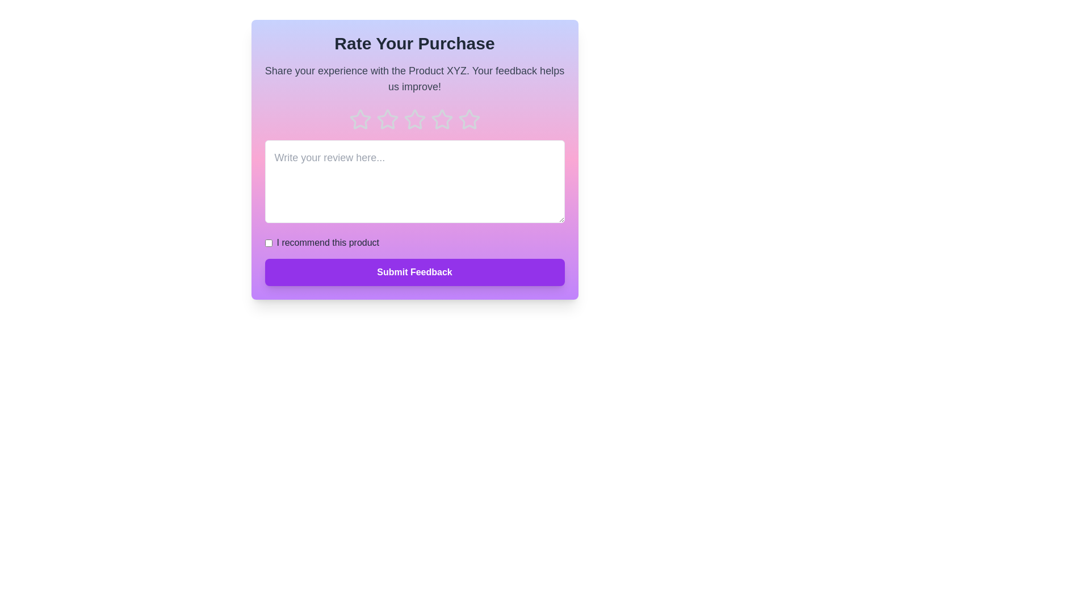  I want to click on the star corresponding to the rating 2, so click(387, 120).